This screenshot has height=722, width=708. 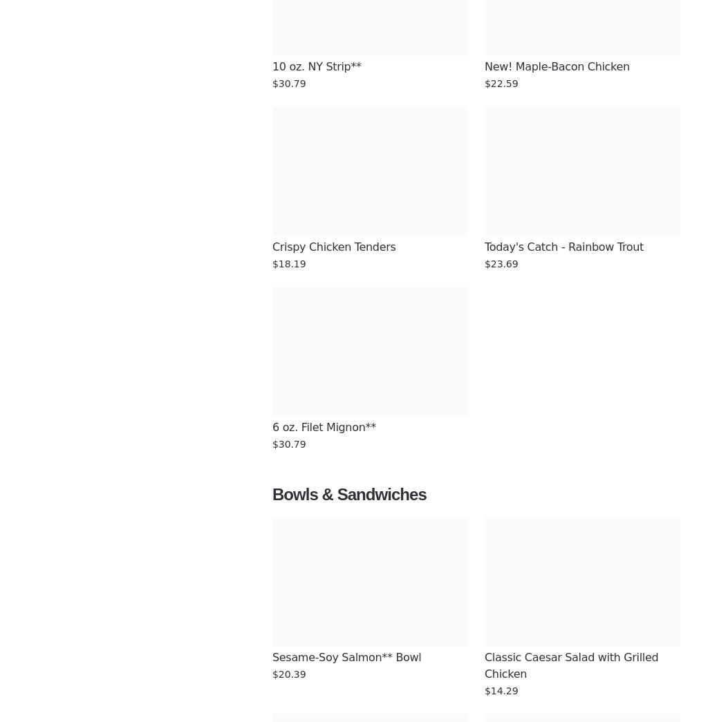 I want to click on '10 oz. NY Strip**', so click(x=317, y=66).